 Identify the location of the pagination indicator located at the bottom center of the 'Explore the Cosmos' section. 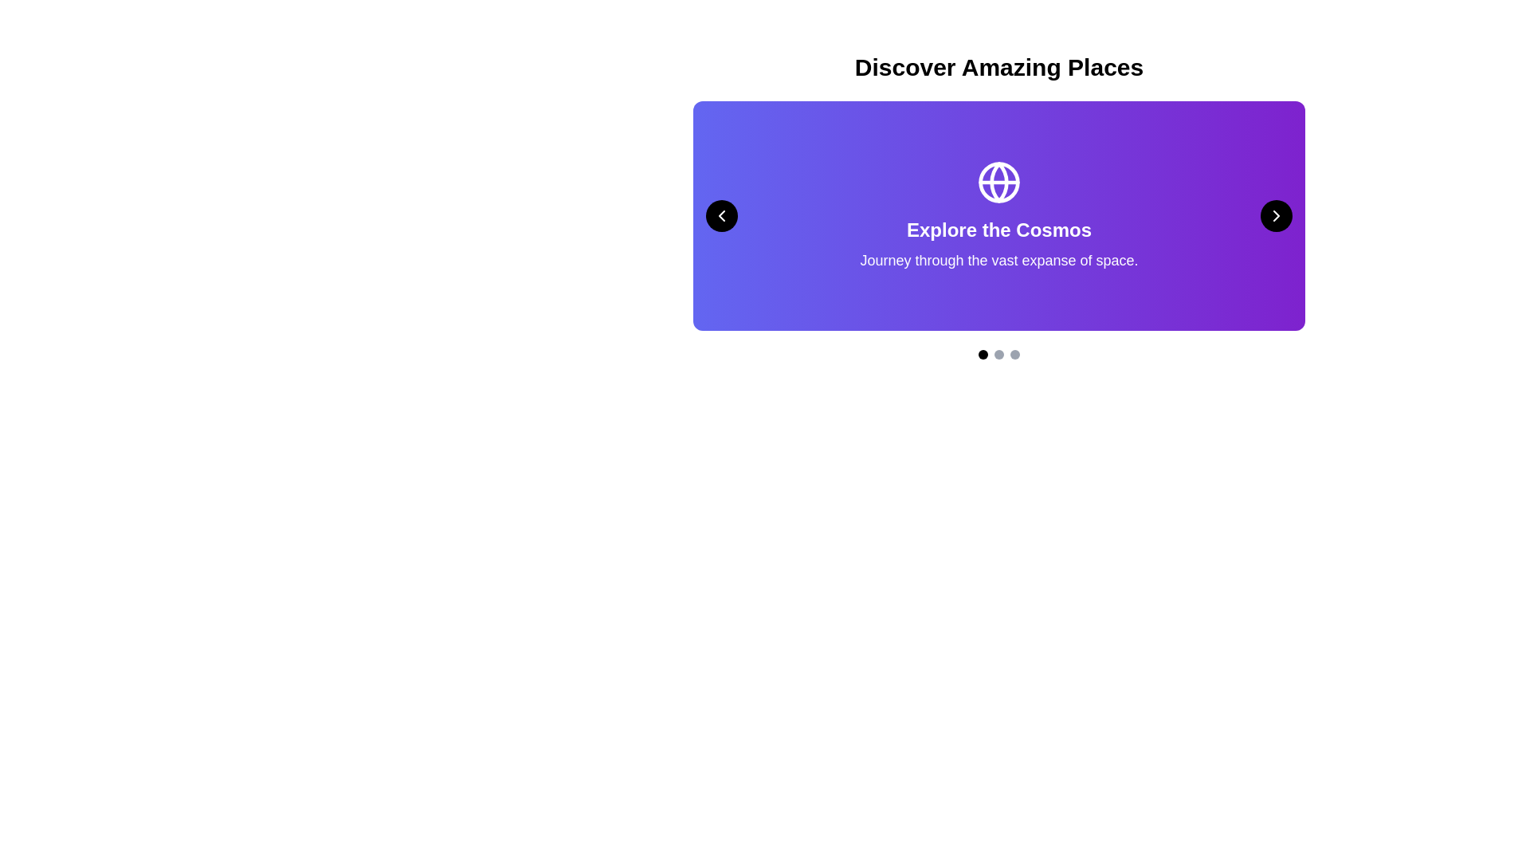
(998, 353).